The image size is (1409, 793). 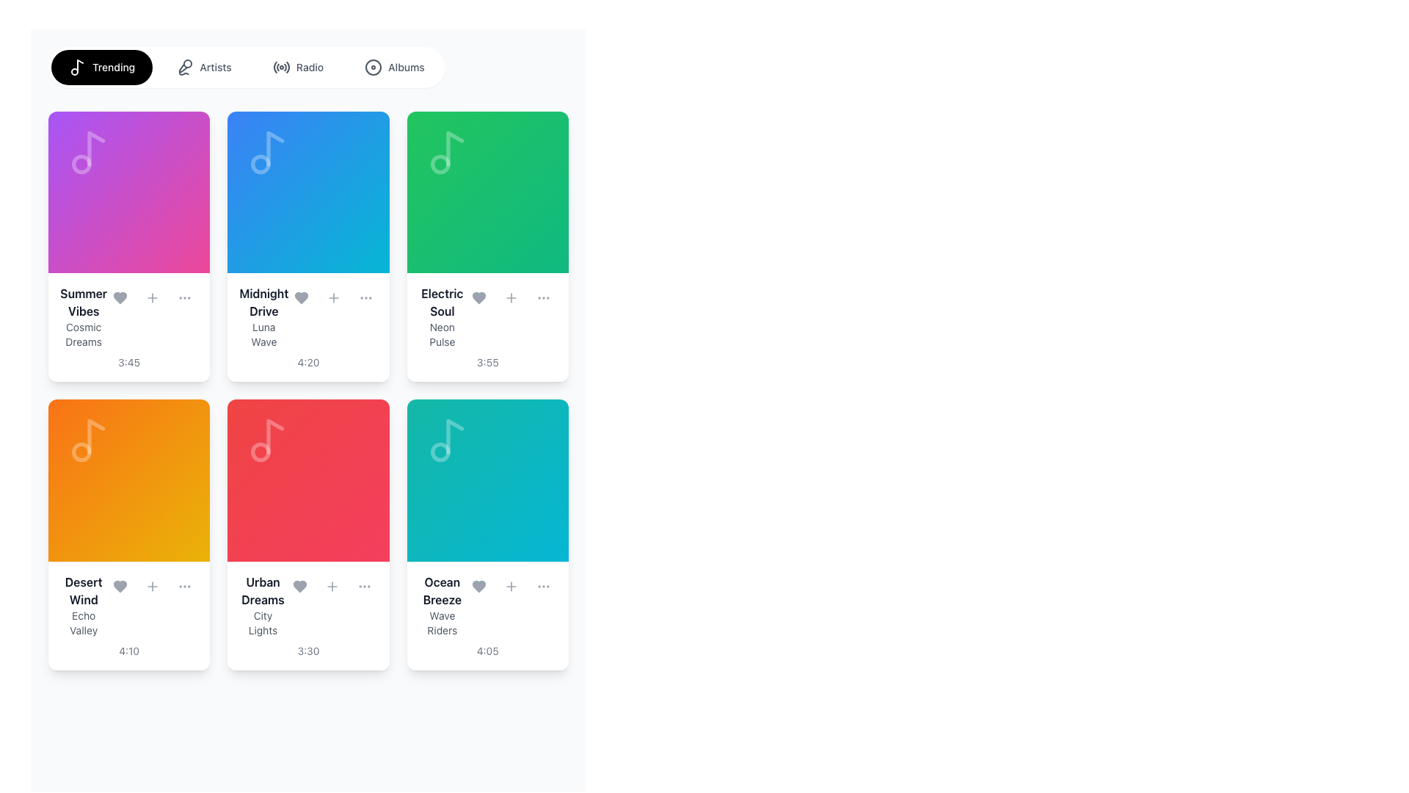 I want to click on the text component titled 'Ocean Breeze' with the subtitle 'Wave Riders' located in the bottom row of the grid layout, specifically the second card from the right, so click(x=441, y=605).